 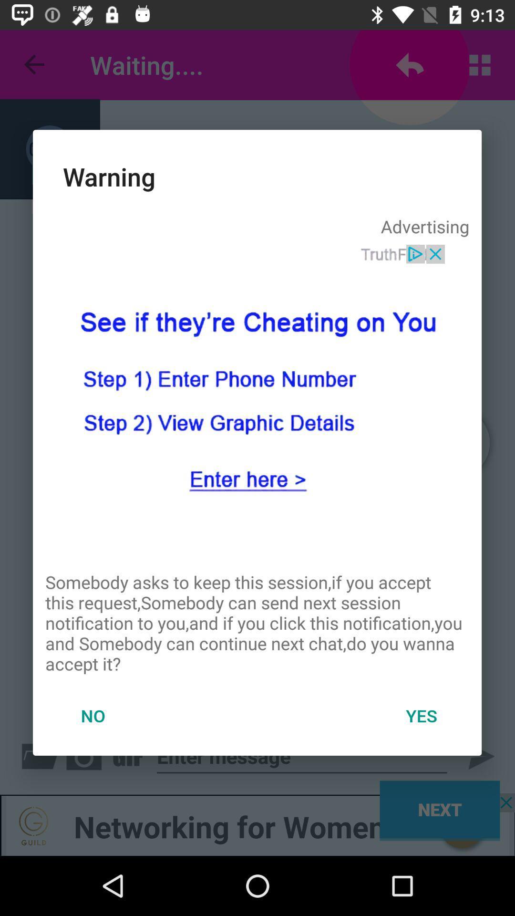 What do you see at coordinates (257, 401) in the screenshot?
I see `click advertisement` at bounding box center [257, 401].